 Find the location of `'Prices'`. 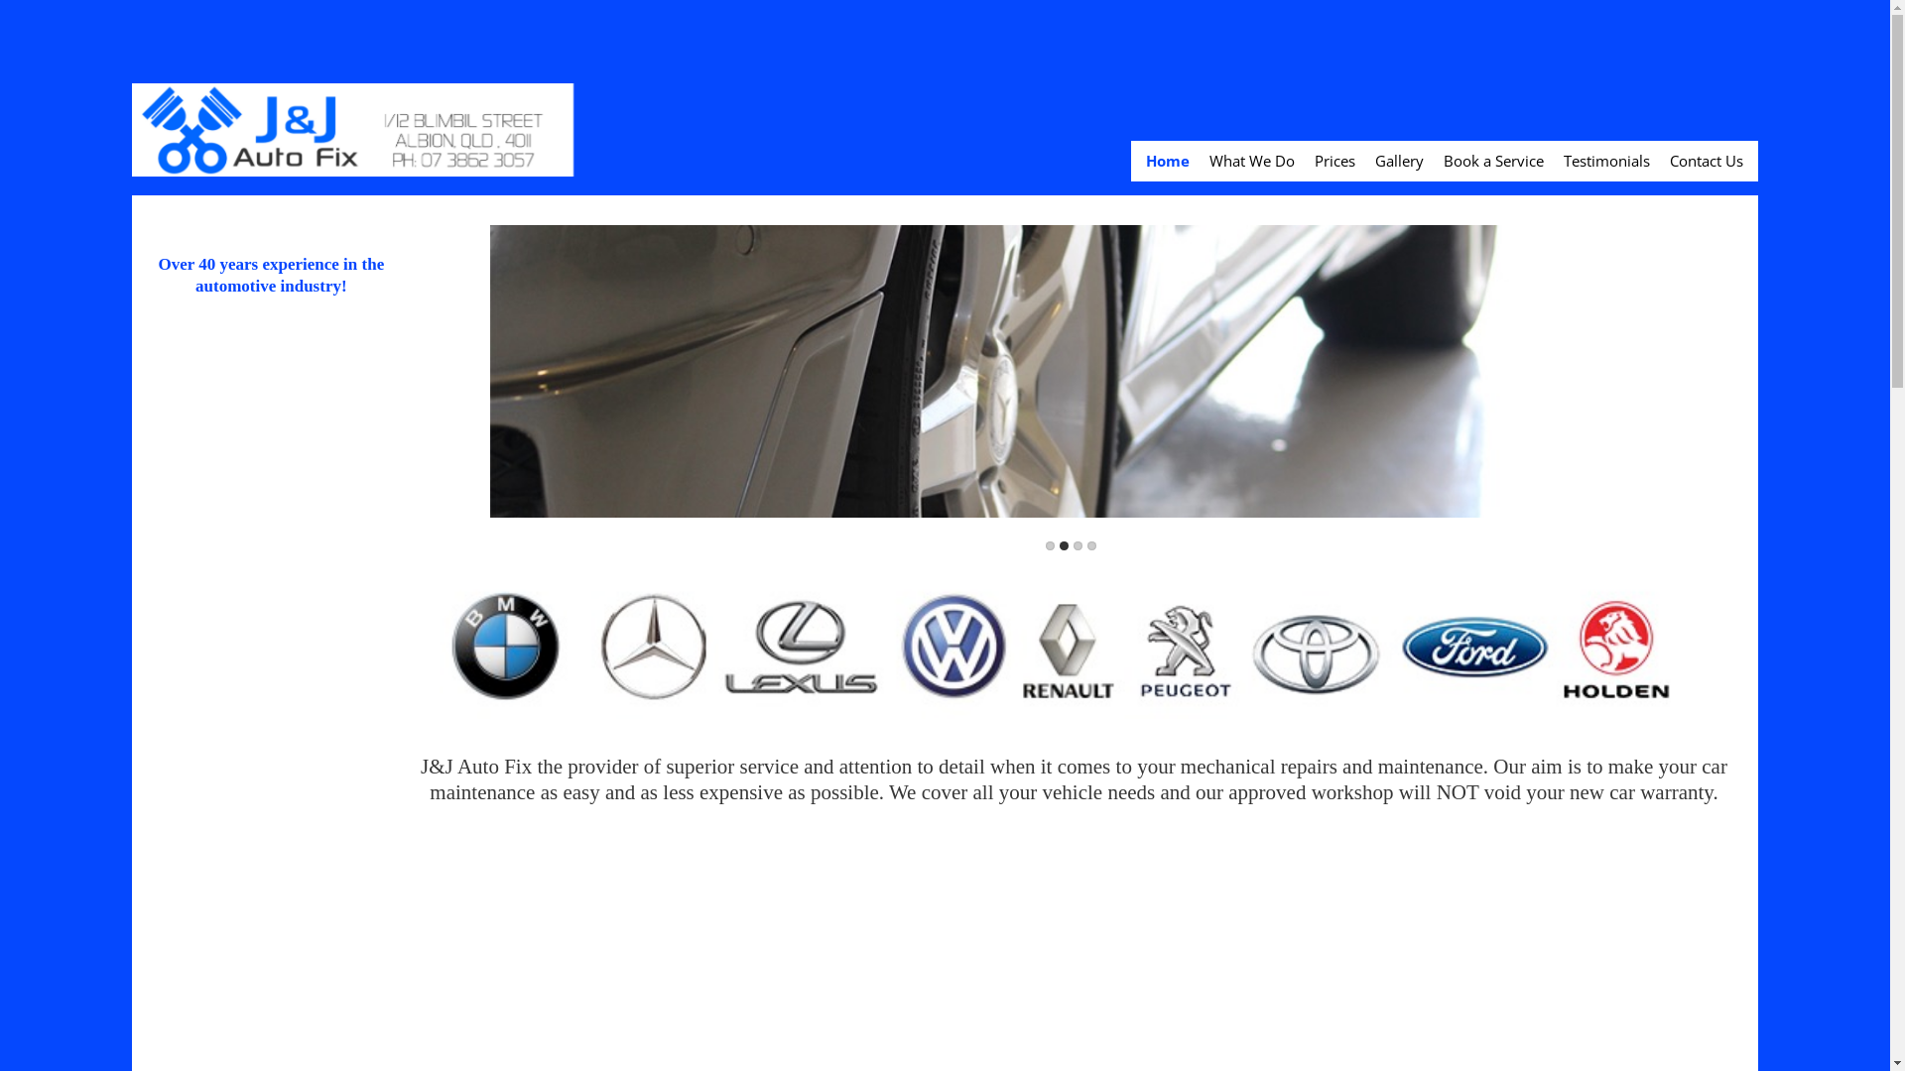

'Prices' is located at coordinates (1334, 160).